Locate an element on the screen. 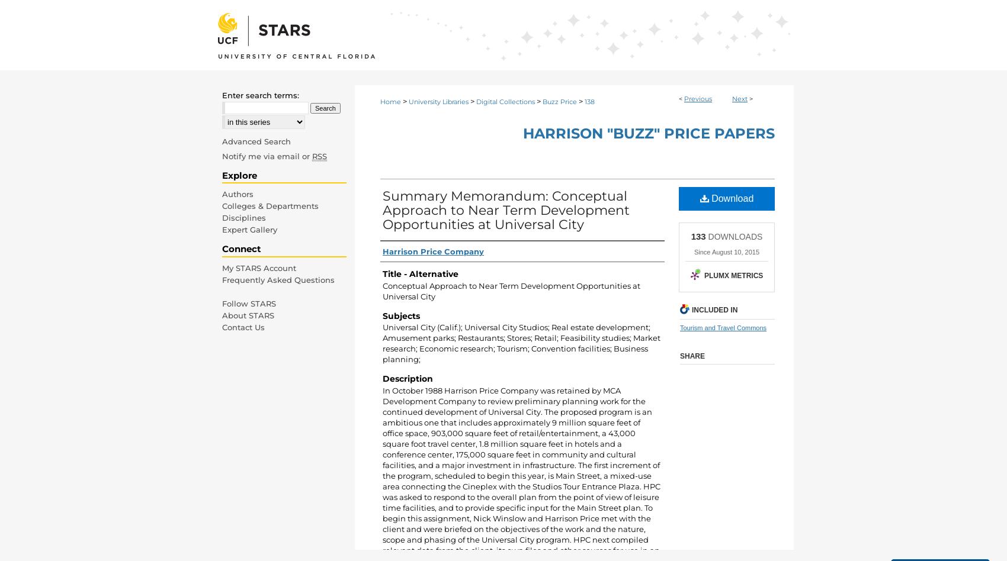 Image resolution: width=1007 pixels, height=561 pixels. 'Home' is located at coordinates (390, 101).